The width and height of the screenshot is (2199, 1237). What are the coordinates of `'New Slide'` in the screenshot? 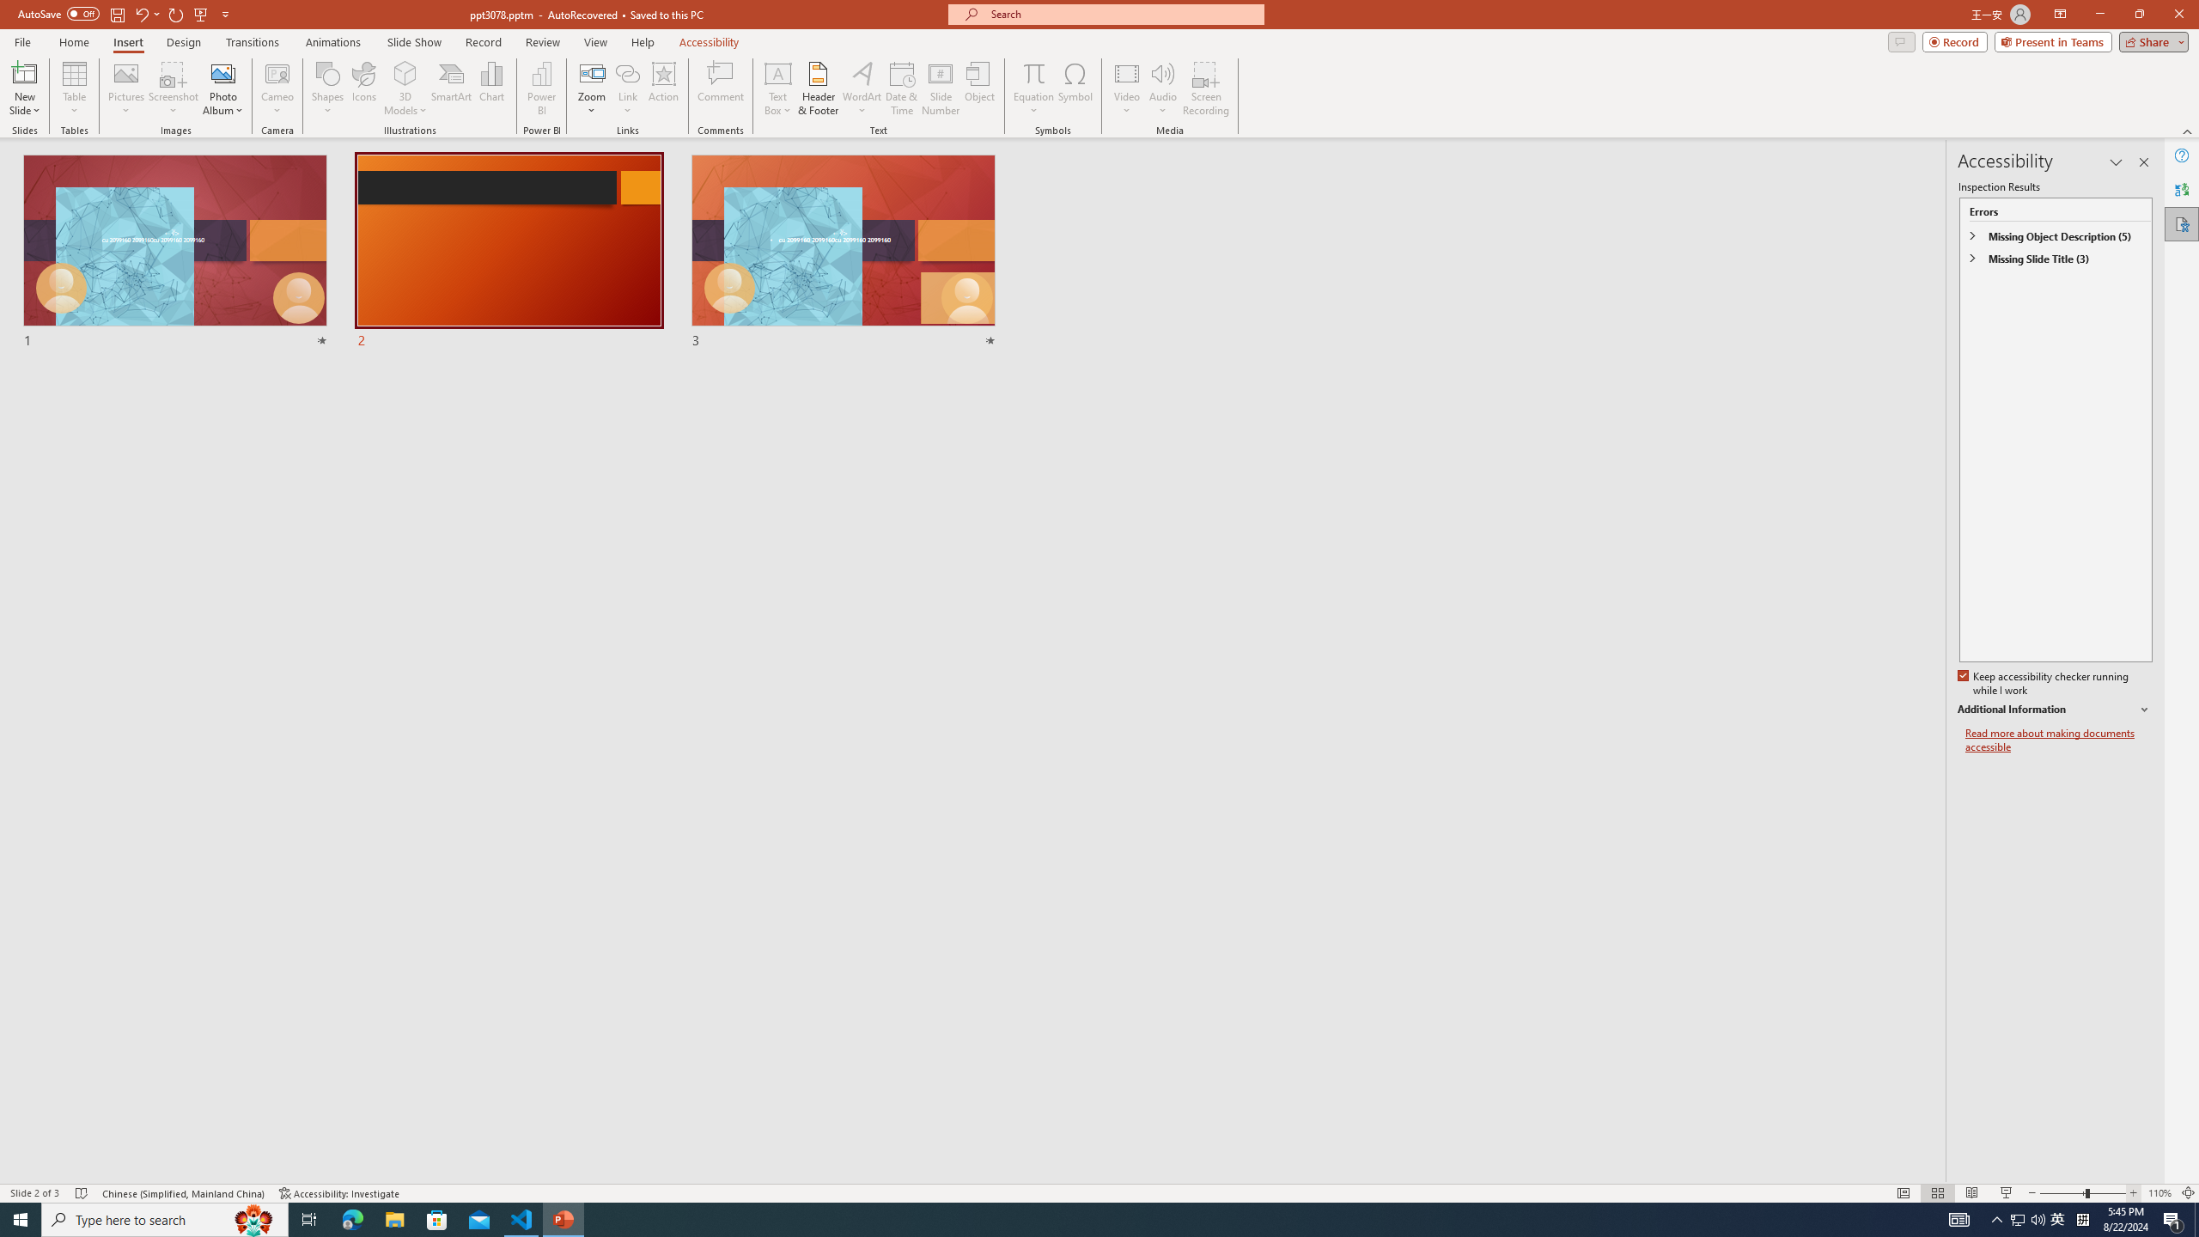 It's located at (24, 88).